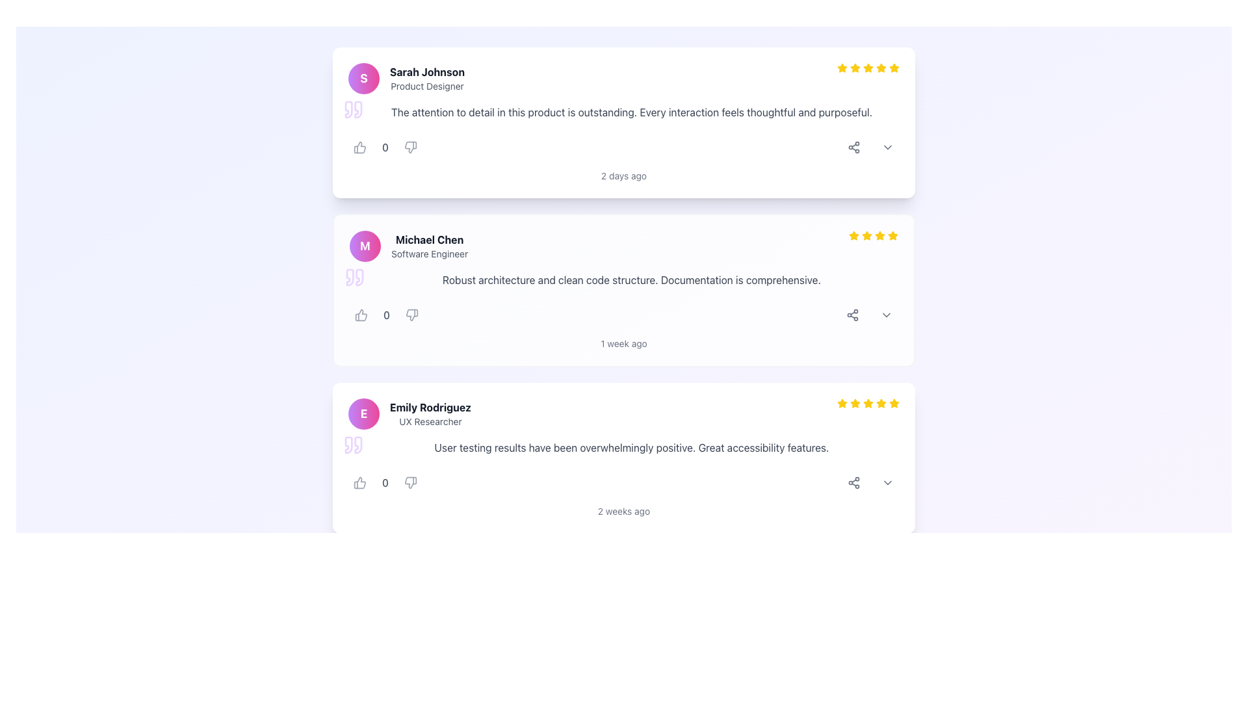 The width and height of the screenshot is (1248, 702). I want to click on the star-shaped icon, which is the fifth star in the second row of the feedback cards, styled with a yellow fill and a slight shadow, so click(892, 235).